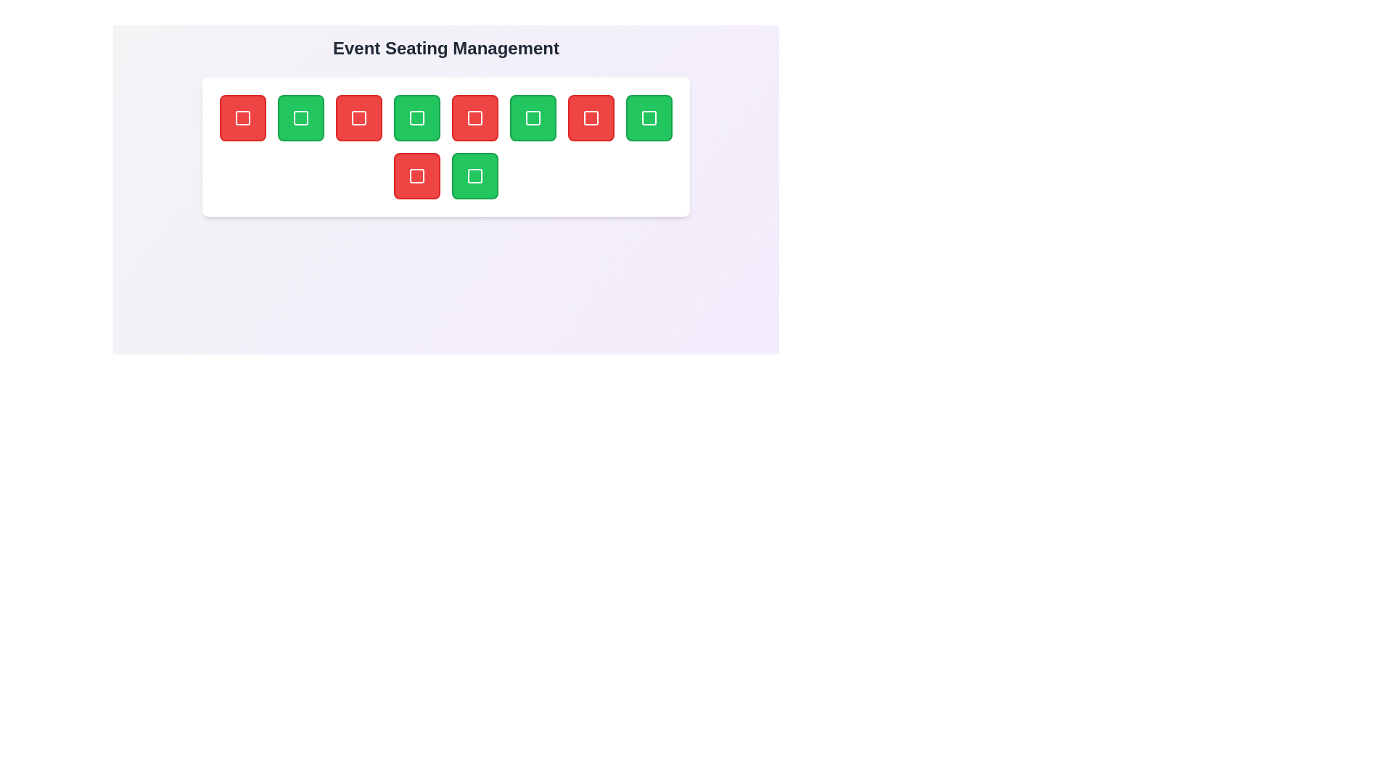 The width and height of the screenshot is (1393, 783). I want to click on the small hollow square icon with a green background representing the selectable seat labeled 'Seat 6' located in the second row, third column of the grid layout, so click(532, 117).